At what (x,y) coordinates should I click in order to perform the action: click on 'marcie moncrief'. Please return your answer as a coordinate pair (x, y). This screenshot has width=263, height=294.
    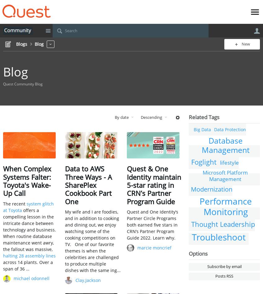
    Looking at the image, I should click on (154, 247).